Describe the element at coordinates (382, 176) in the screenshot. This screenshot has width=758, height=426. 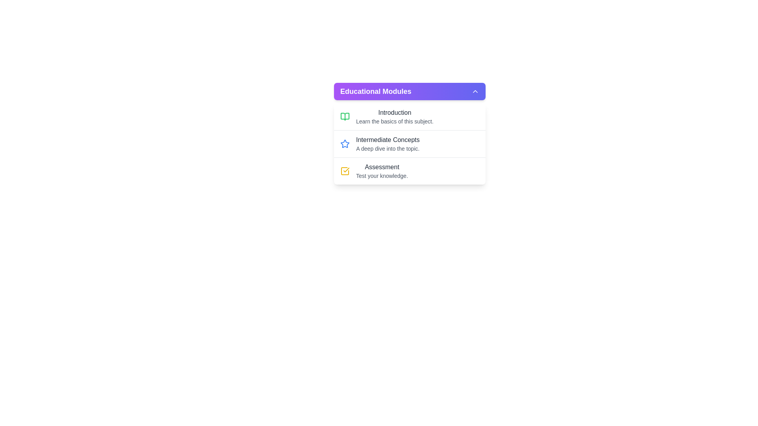
I see `hint text associated with the 'Assessment' option located directly beneath the 'Assessment' text in the Educational Modules dropdown` at that location.